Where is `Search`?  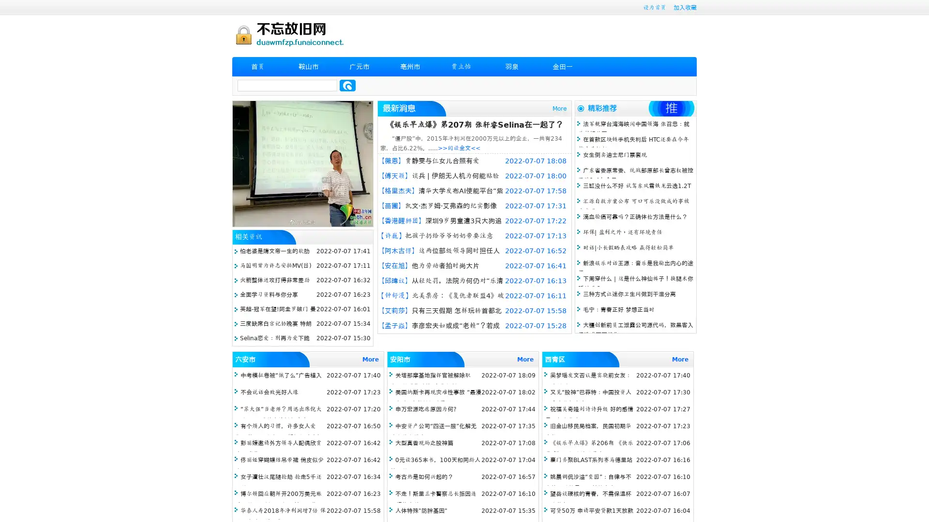 Search is located at coordinates (347, 85).